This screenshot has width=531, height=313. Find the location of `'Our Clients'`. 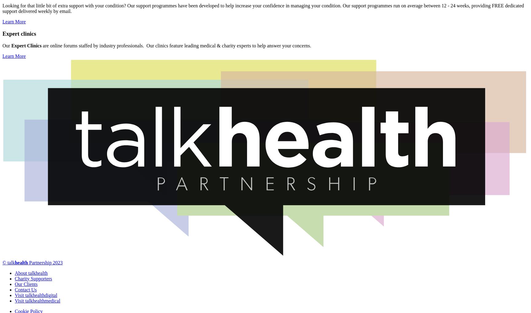

'Our Clients' is located at coordinates (26, 283).